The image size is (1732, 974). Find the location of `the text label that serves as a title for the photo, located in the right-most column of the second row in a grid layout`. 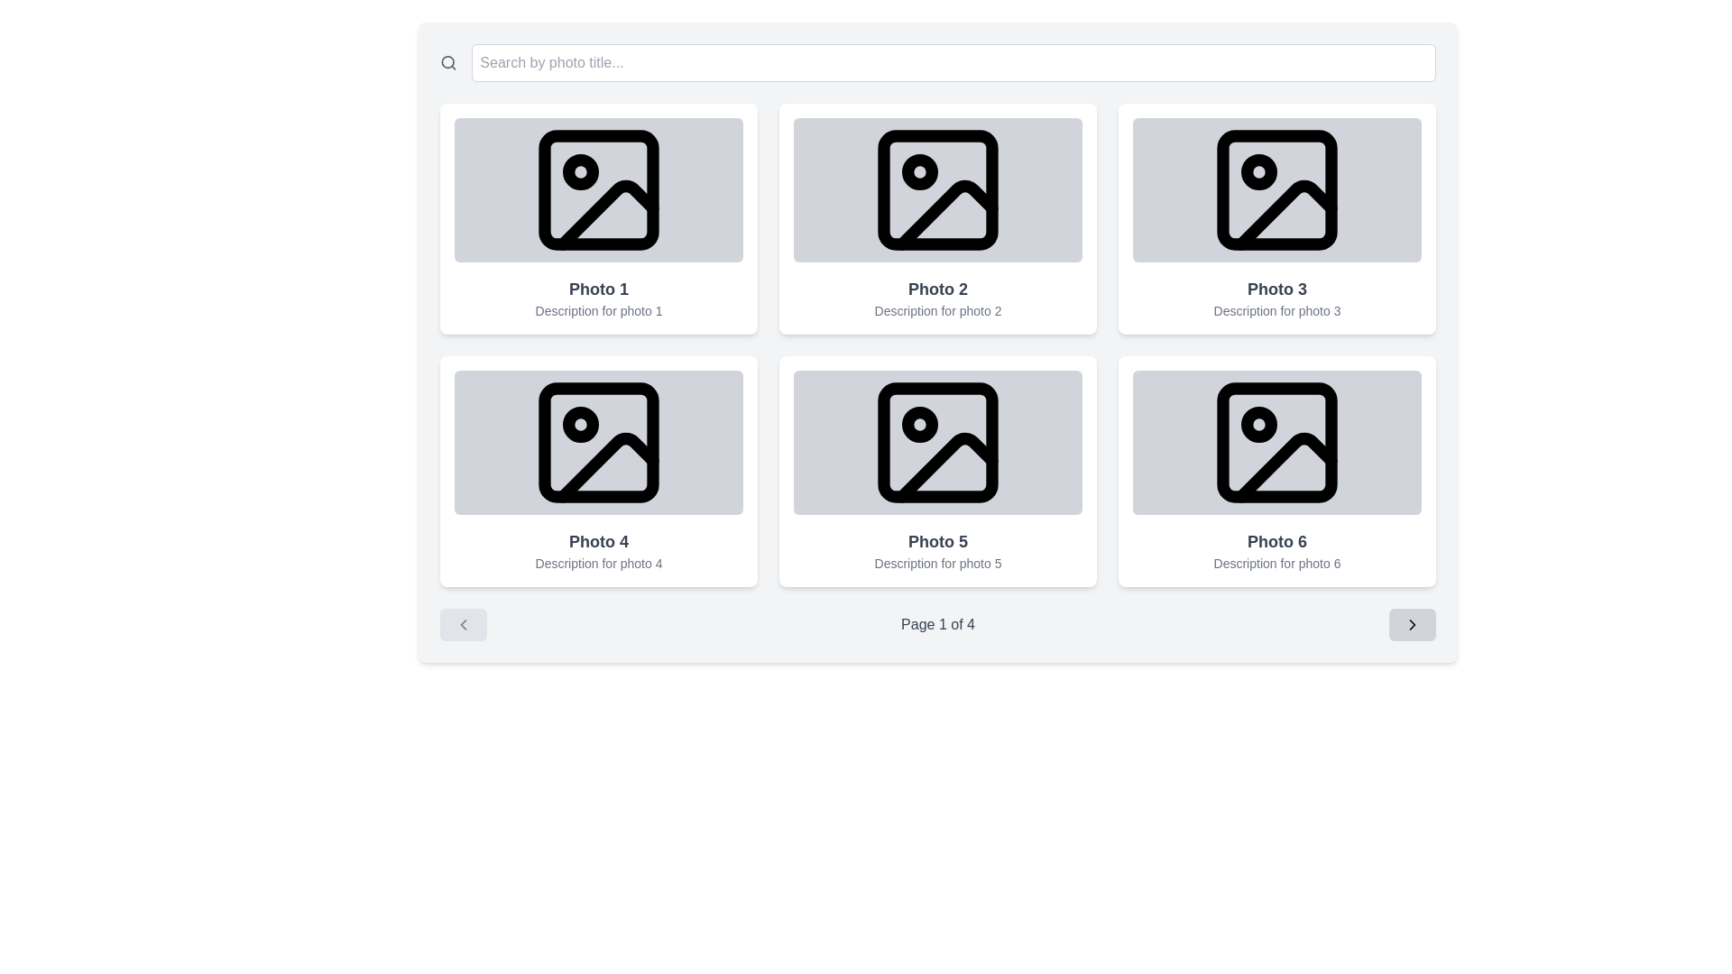

the text label that serves as a title for the photo, located in the right-most column of the second row in a grid layout is located at coordinates (1276, 541).